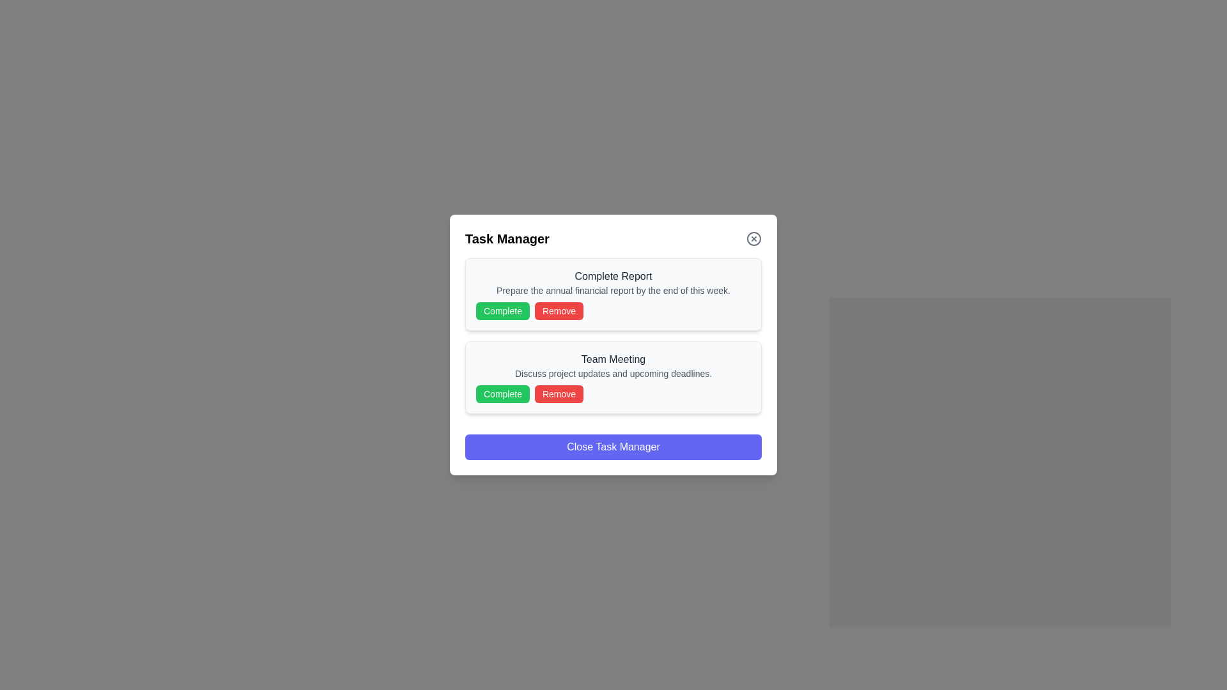  Describe the element at coordinates (754, 239) in the screenshot. I see `the close button located in the top-right corner of the 'Task Manager' modal` at that location.